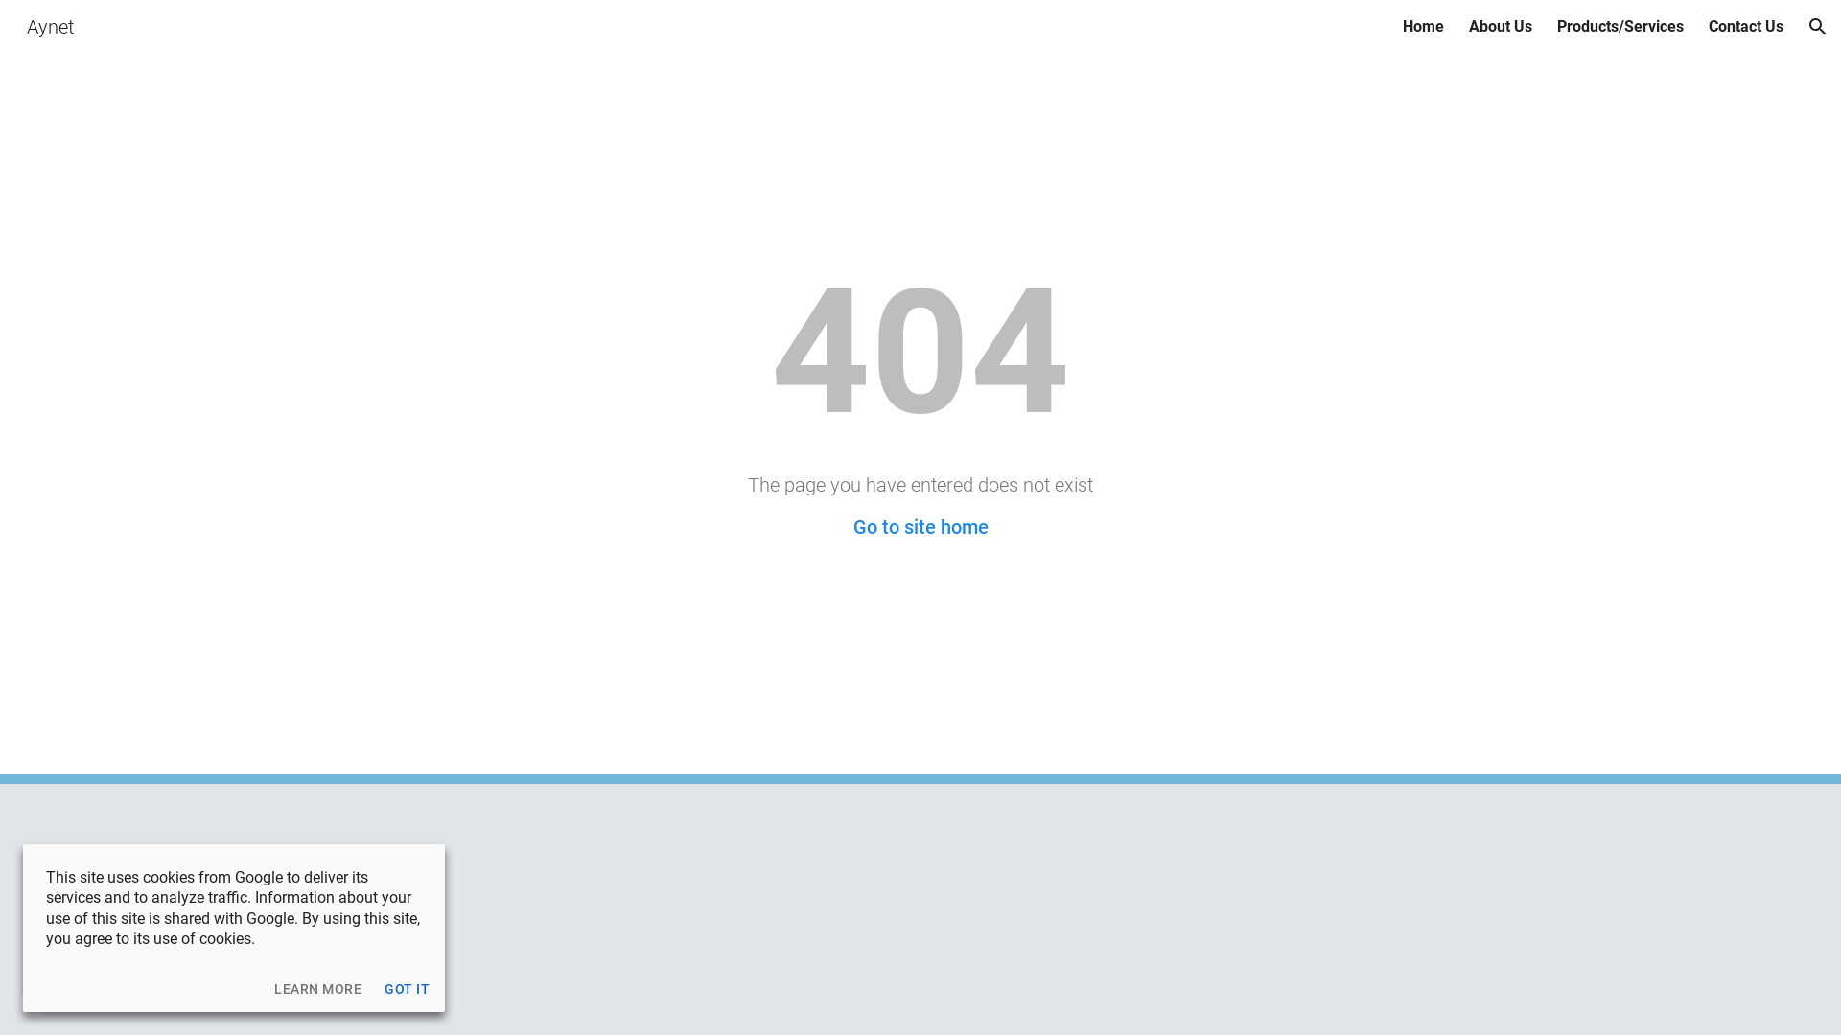 This screenshot has height=1035, width=1841. I want to click on 'Aynet', so click(14, 25).